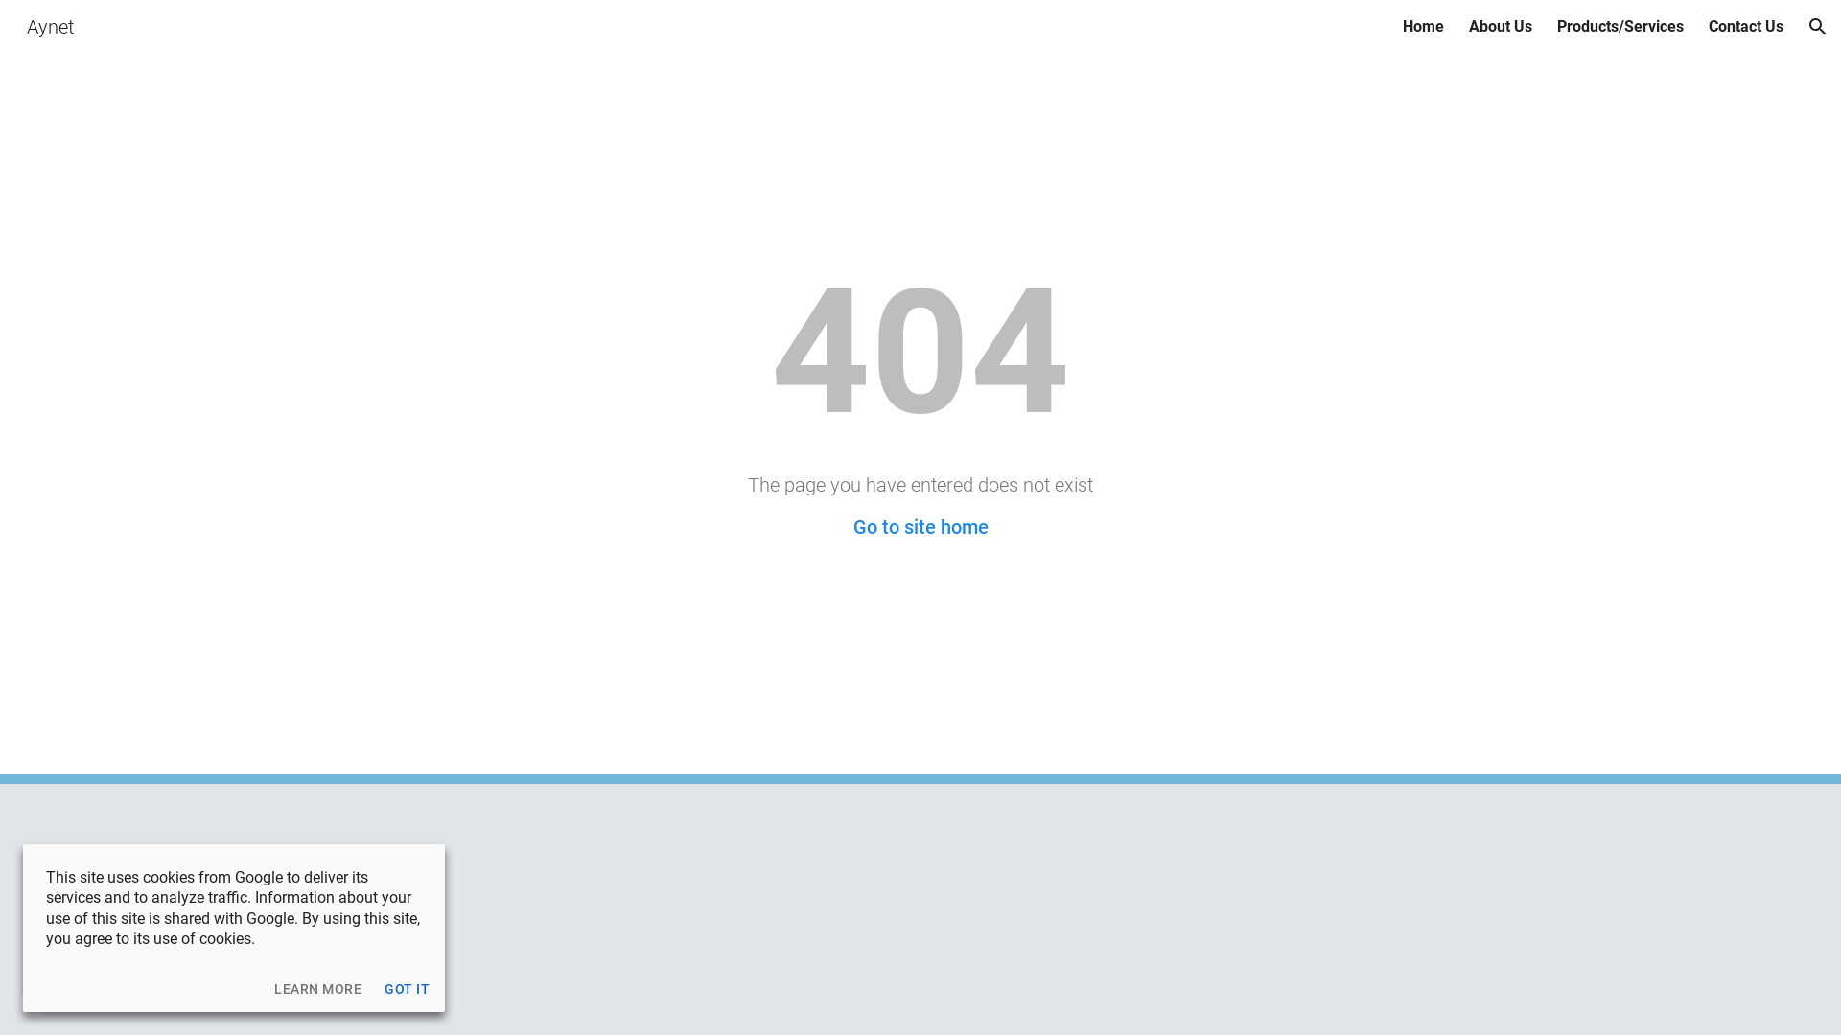 This screenshot has height=1035, width=1841. I want to click on 'Aynet', so click(14, 25).